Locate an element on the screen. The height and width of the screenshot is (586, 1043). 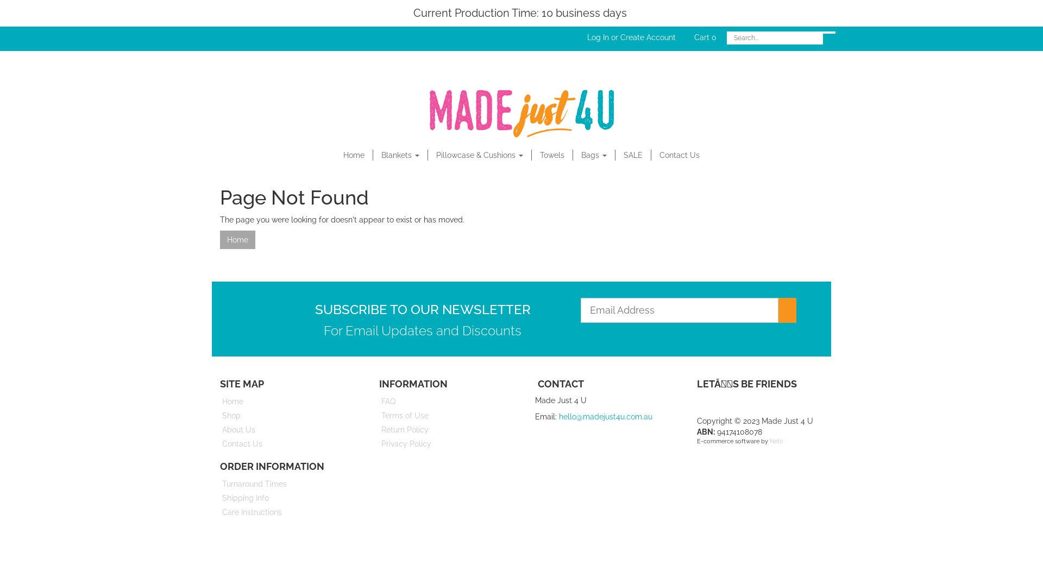
'Neto' is located at coordinates (775, 441).